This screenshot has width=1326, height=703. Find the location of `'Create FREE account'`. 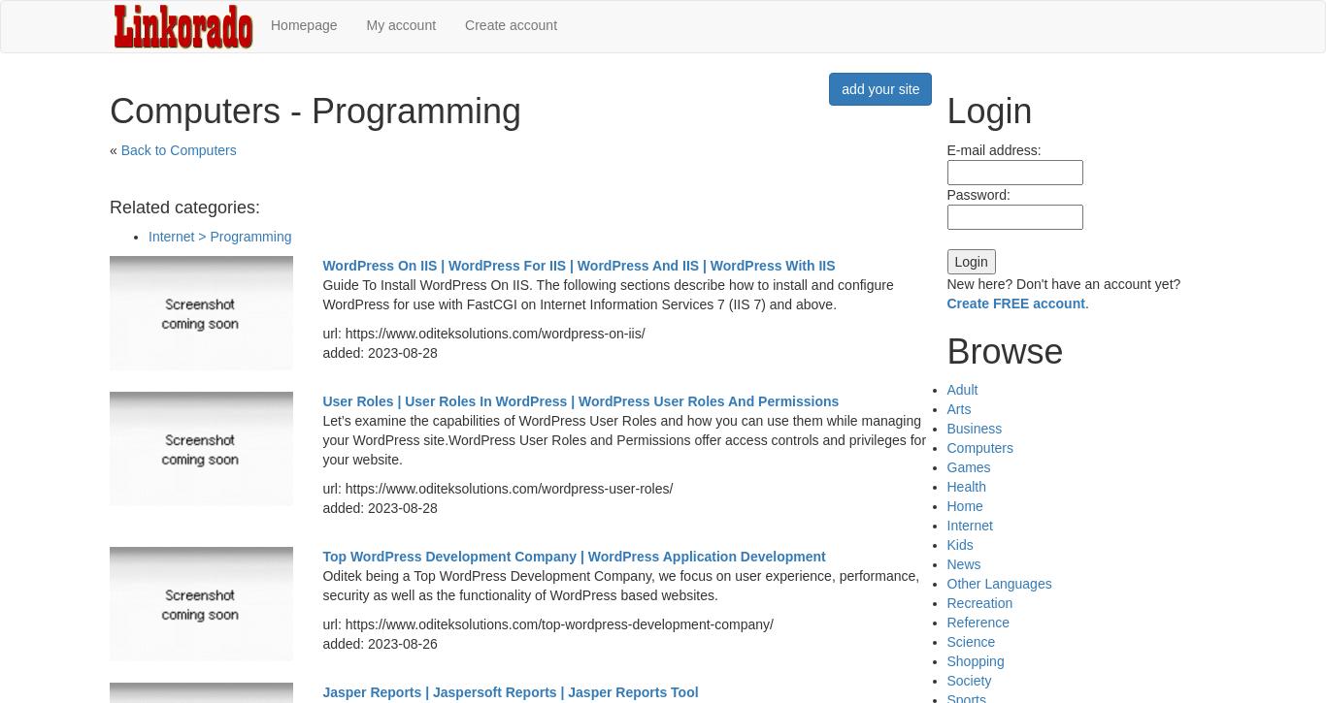

'Create FREE account' is located at coordinates (1013, 302).